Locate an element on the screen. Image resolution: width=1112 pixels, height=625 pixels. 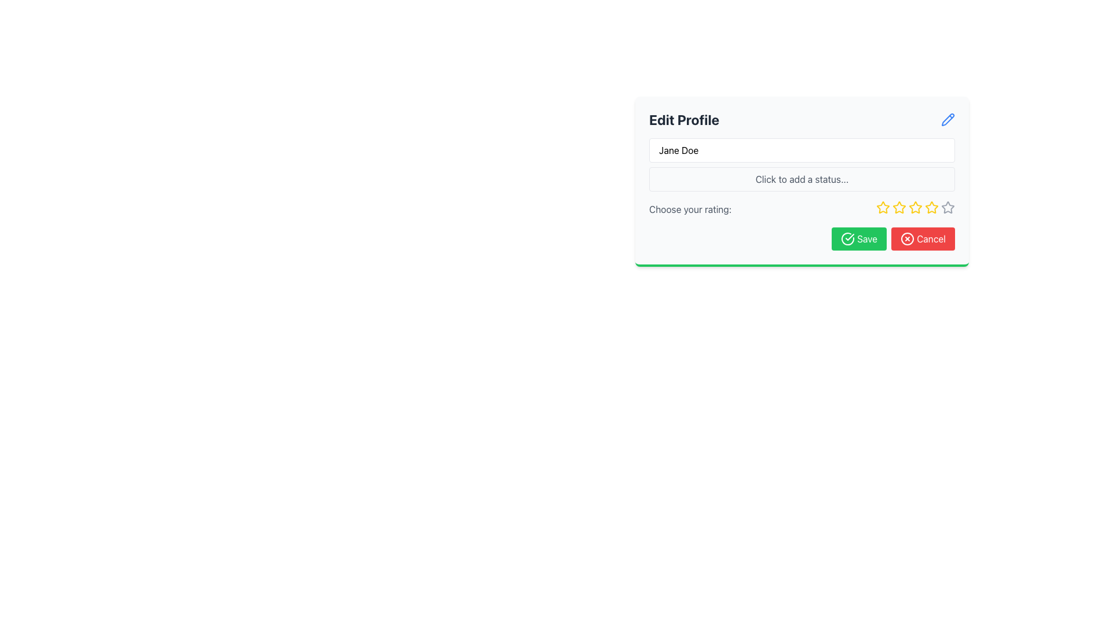
the third yellow rating star to select the second level of rating is located at coordinates (899, 207).